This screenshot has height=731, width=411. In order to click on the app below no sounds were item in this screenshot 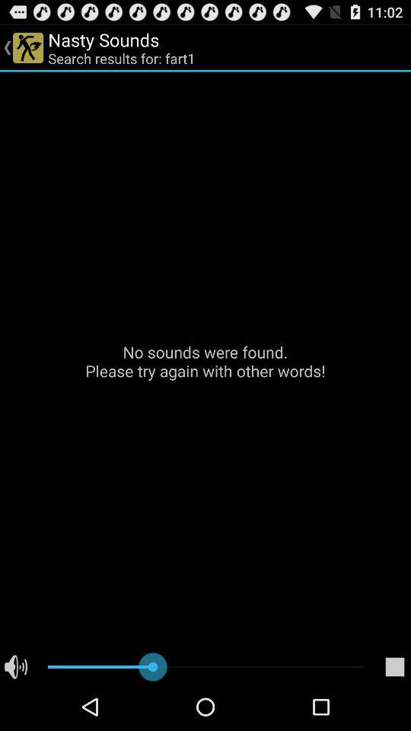, I will do `click(394, 666)`.